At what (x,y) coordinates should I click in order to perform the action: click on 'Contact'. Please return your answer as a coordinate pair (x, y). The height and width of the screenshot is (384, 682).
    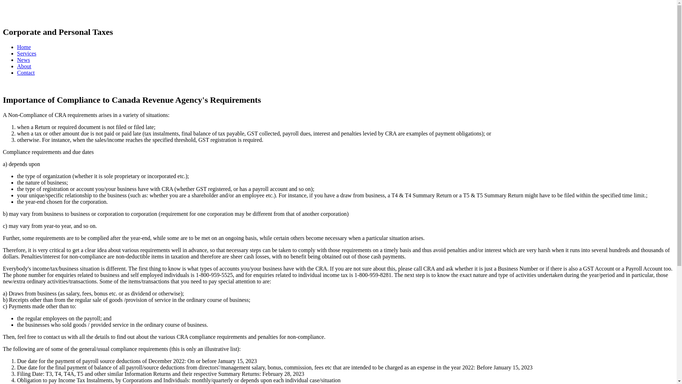
    Looking at the image, I should click on (26, 73).